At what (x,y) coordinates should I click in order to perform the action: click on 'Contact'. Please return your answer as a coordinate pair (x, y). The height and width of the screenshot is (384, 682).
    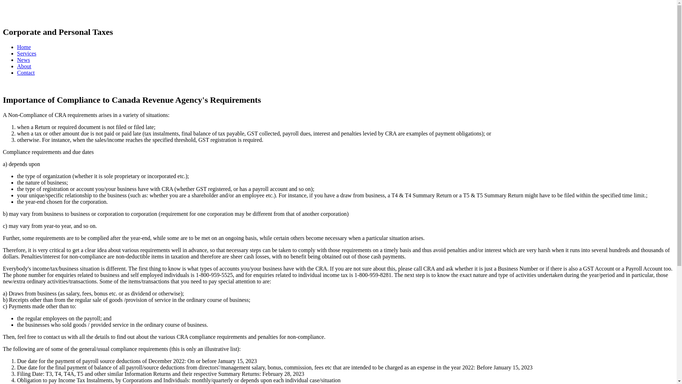
    Looking at the image, I should click on (26, 73).